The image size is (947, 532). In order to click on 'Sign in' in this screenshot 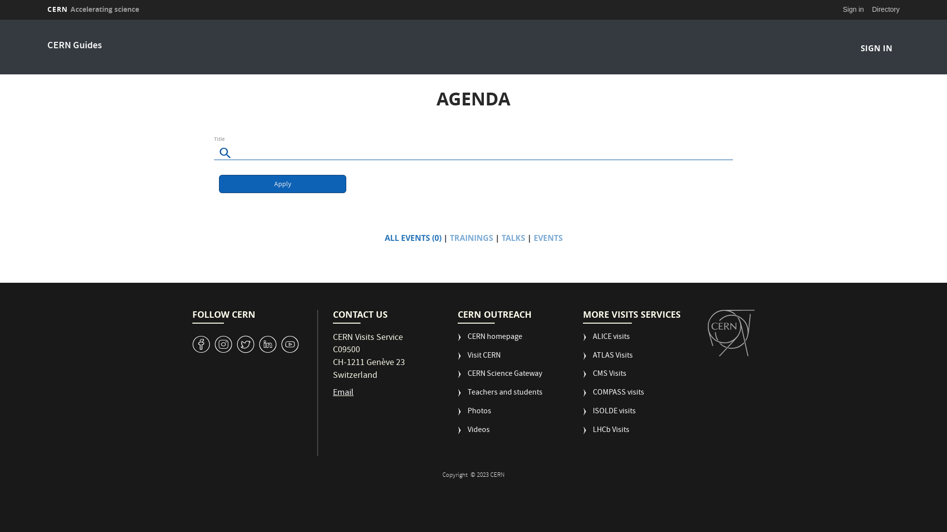, I will do `click(853, 9)`.